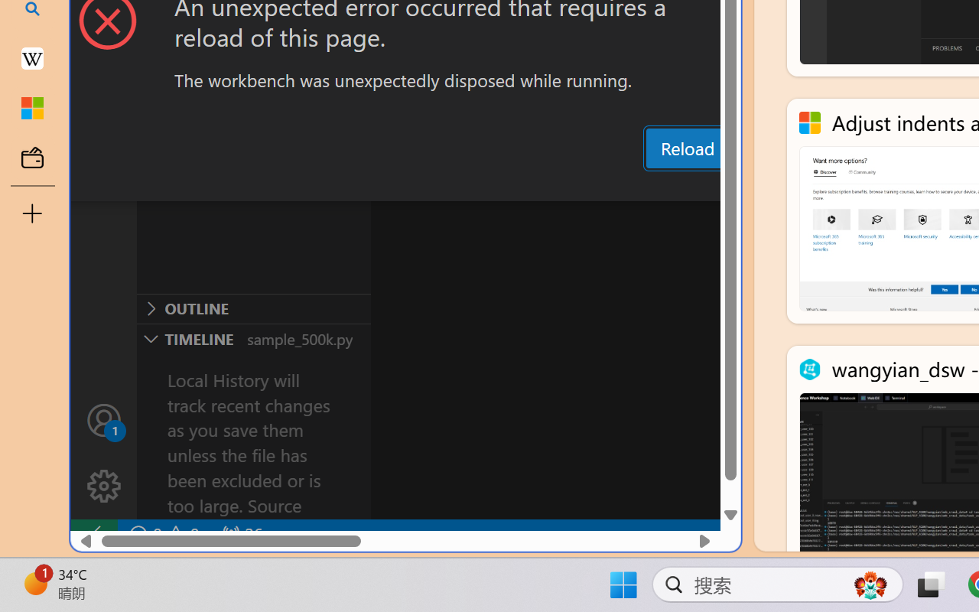 Image resolution: width=979 pixels, height=612 pixels. What do you see at coordinates (253, 308) in the screenshot?
I see `'Outline Section'` at bounding box center [253, 308].